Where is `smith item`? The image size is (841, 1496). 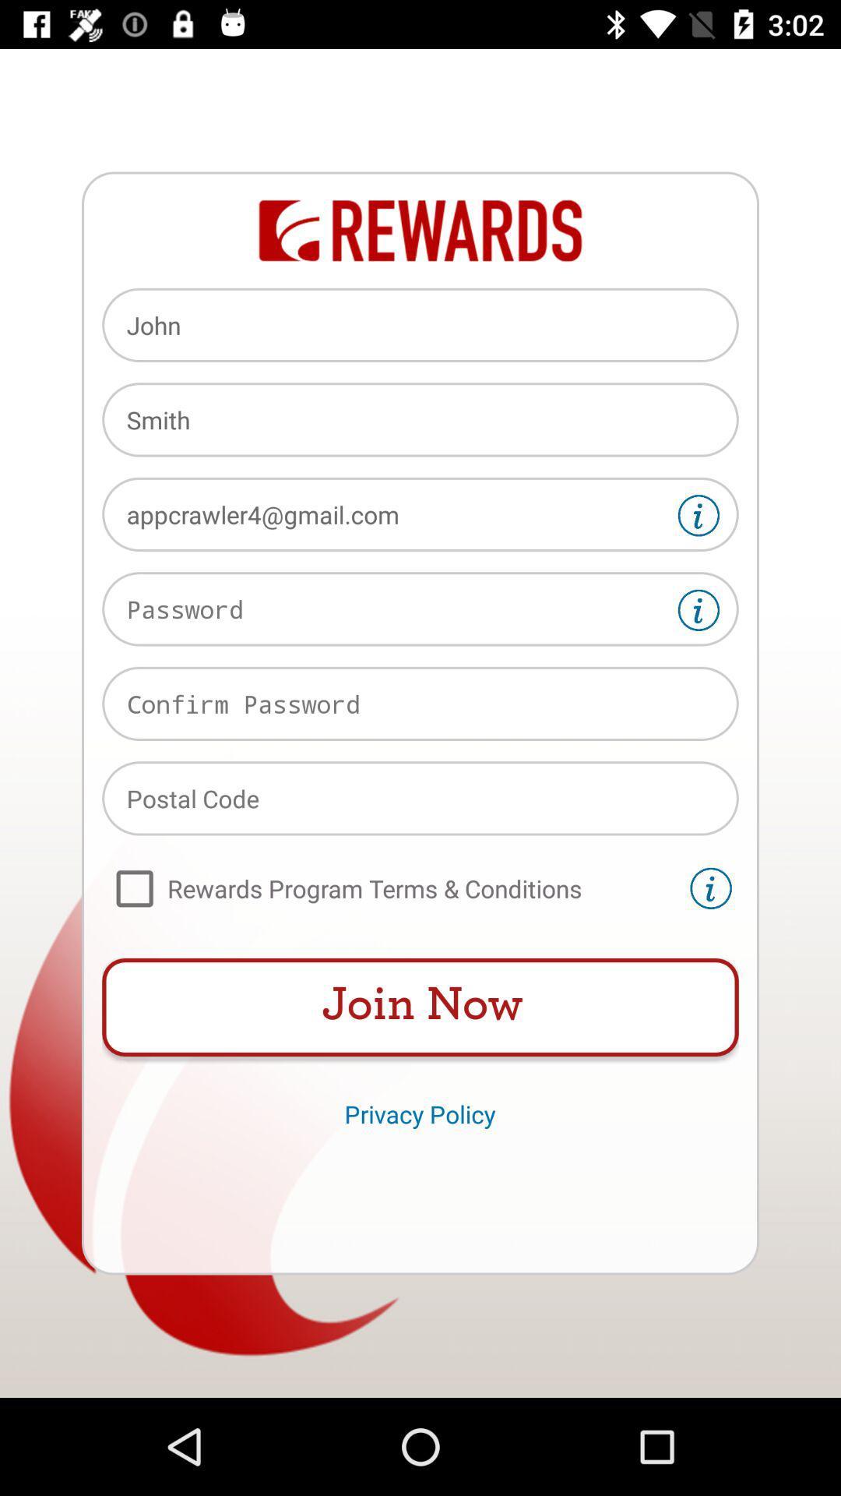 smith item is located at coordinates (420, 419).